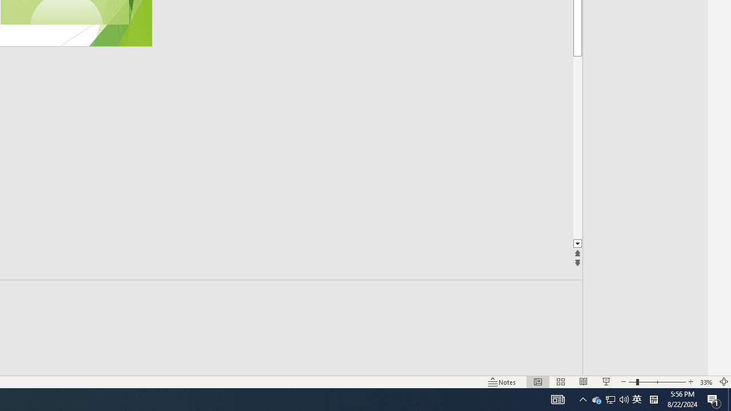  What do you see at coordinates (723, 382) in the screenshot?
I see `'Zoom to Fit '` at bounding box center [723, 382].